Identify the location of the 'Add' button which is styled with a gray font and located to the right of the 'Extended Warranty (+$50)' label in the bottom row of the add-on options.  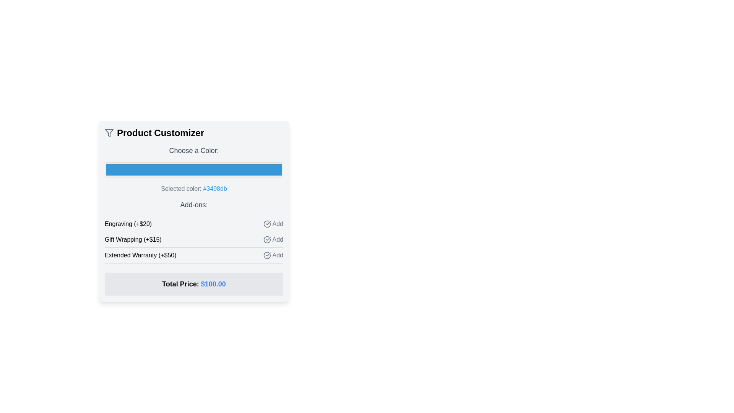
(273, 255).